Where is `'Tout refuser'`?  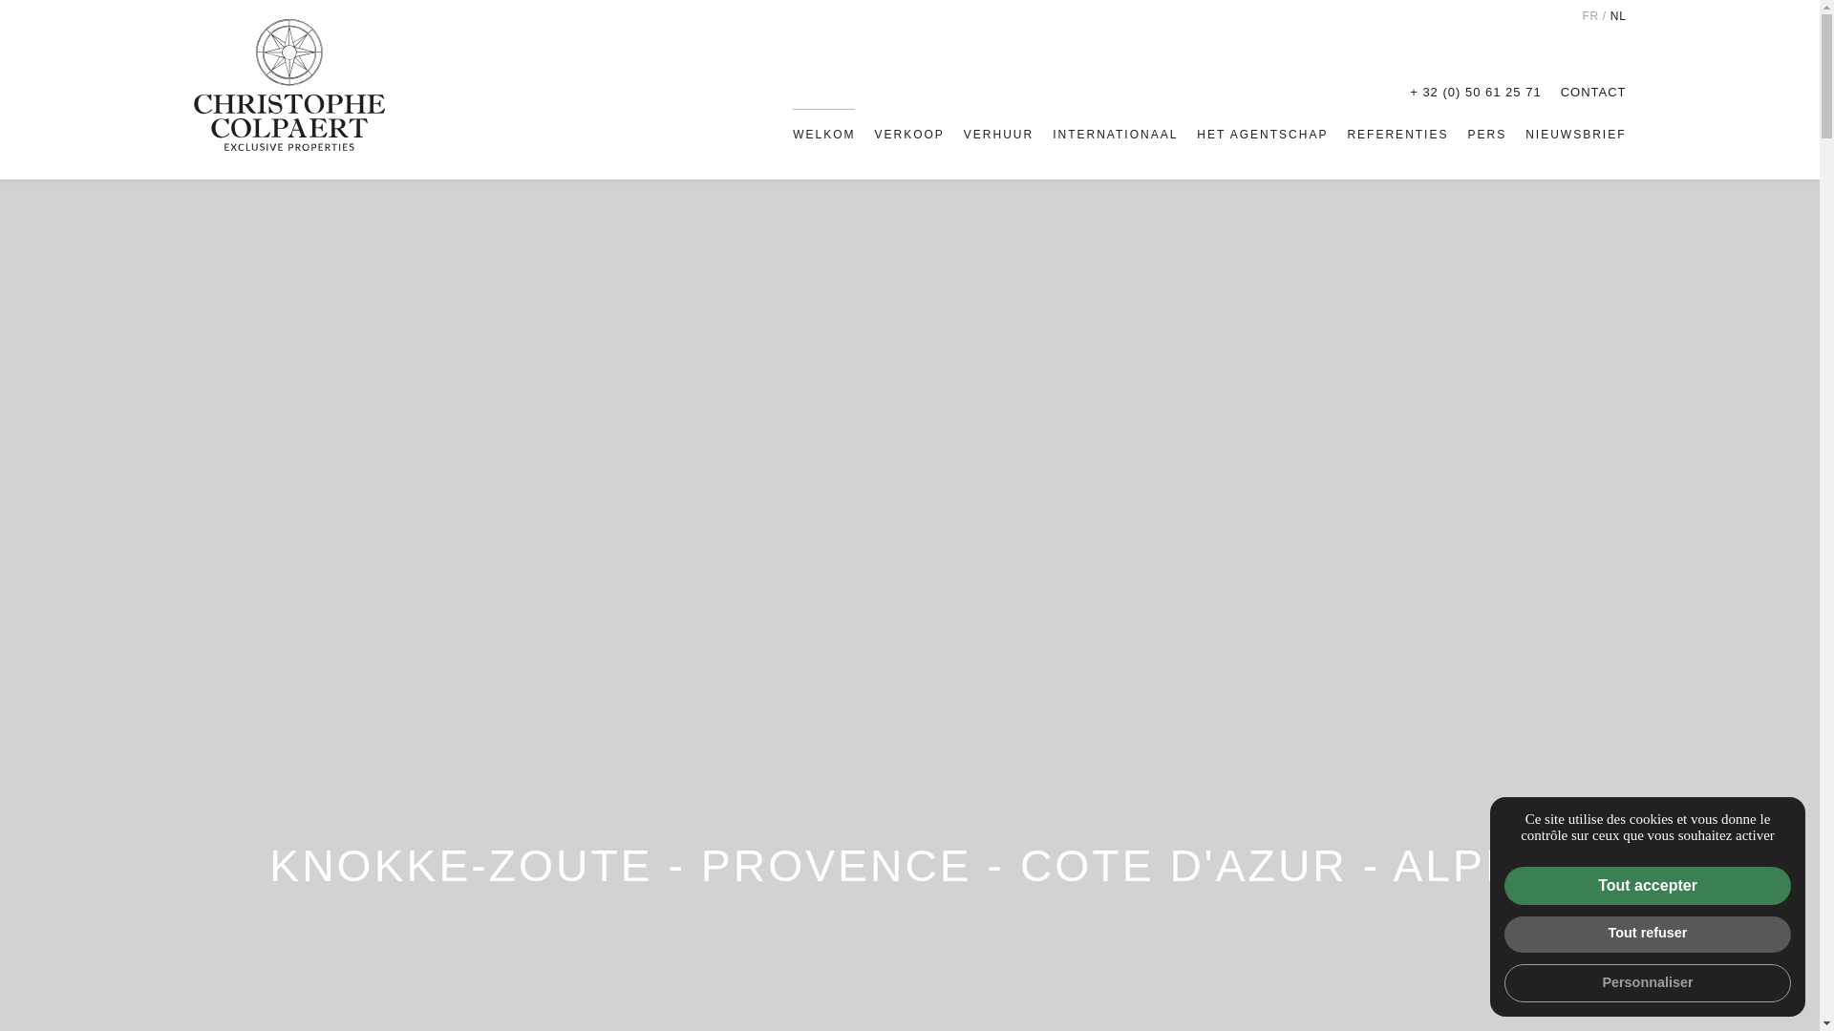
'Tout refuser' is located at coordinates (1646, 934).